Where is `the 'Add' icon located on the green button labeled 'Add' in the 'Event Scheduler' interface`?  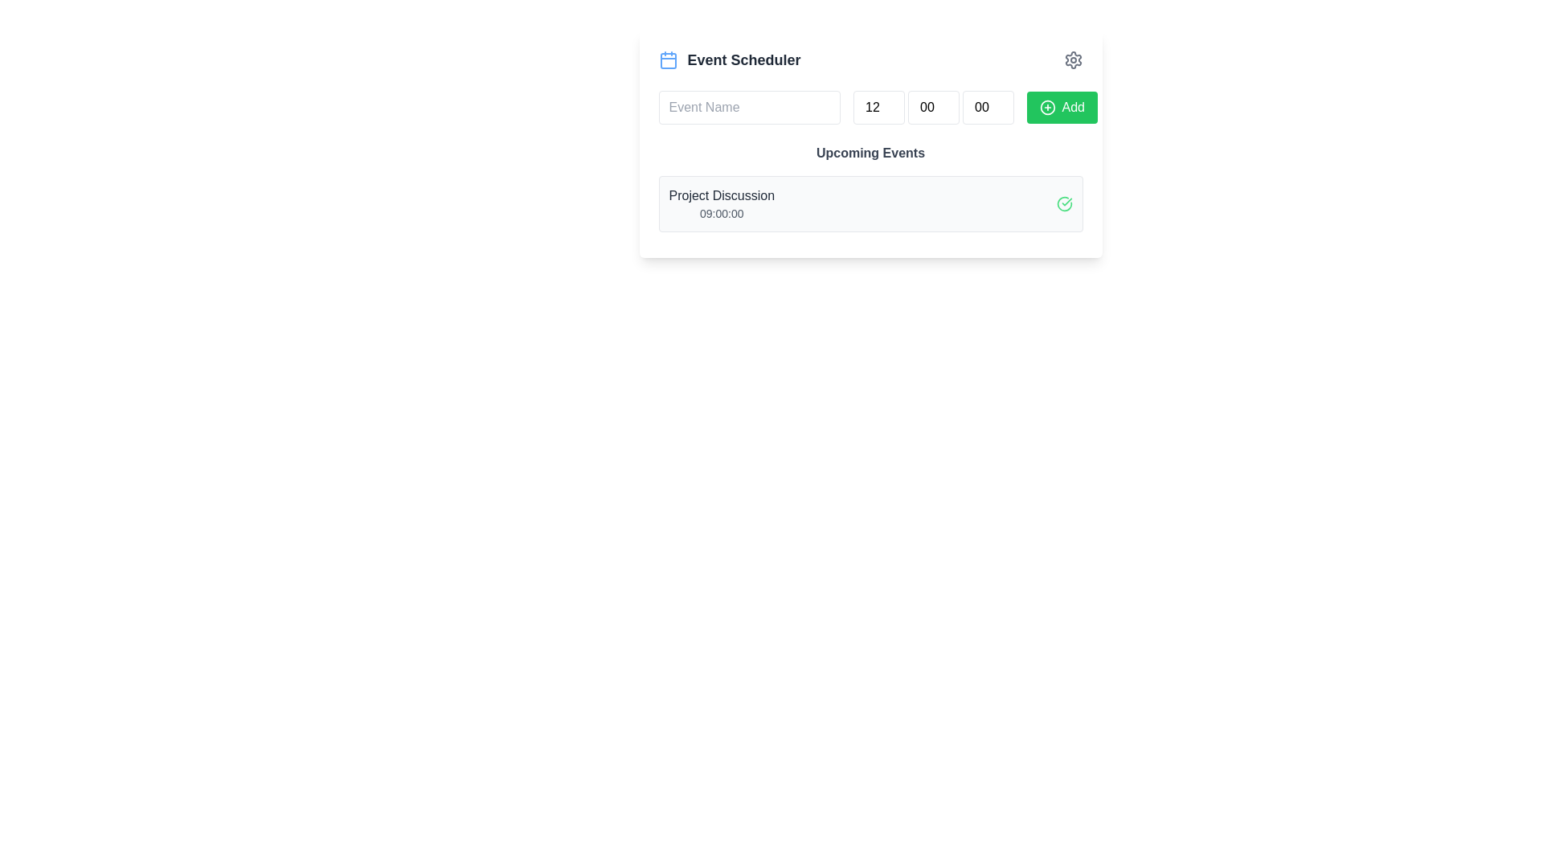
the 'Add' icon located on the green button labeled 'Add' in the 'Event Scheduler' interface is located at coordinates (1047, 108).